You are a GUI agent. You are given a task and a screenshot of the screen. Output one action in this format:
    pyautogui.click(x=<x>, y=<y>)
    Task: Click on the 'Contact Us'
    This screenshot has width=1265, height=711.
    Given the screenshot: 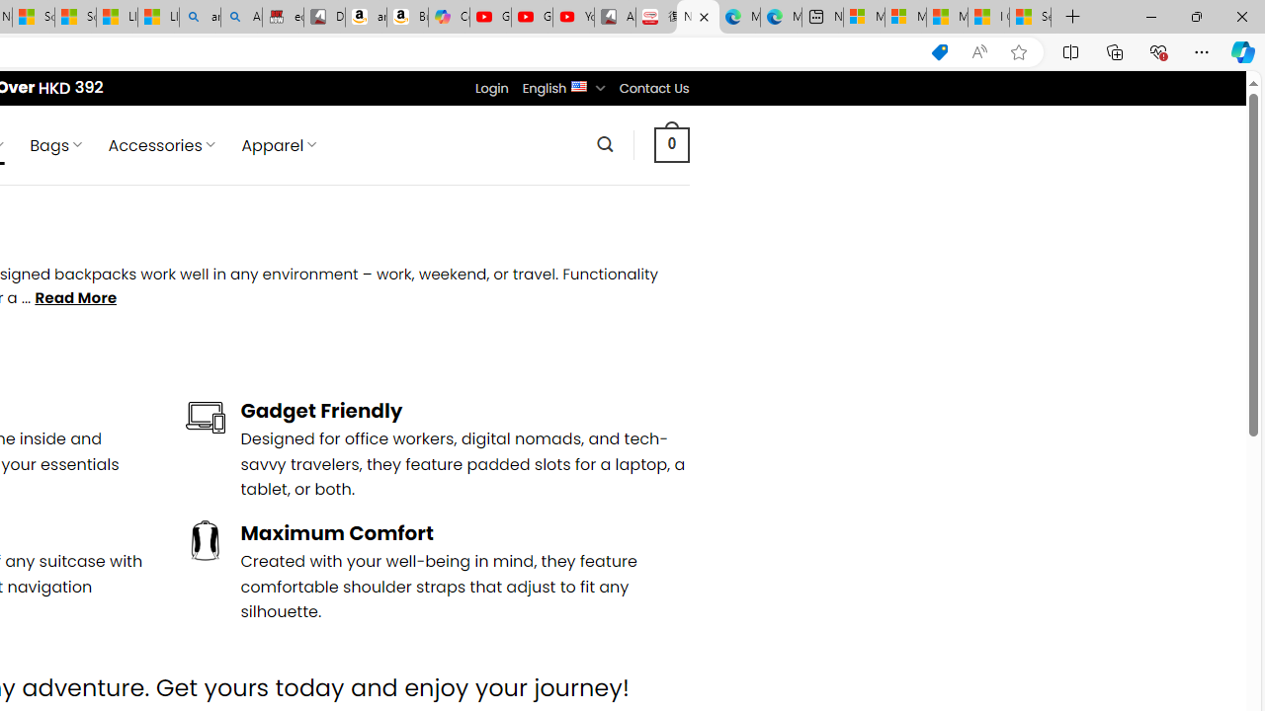 What is the action you would take?
    pyautogui.click(x=653, y=87)
    